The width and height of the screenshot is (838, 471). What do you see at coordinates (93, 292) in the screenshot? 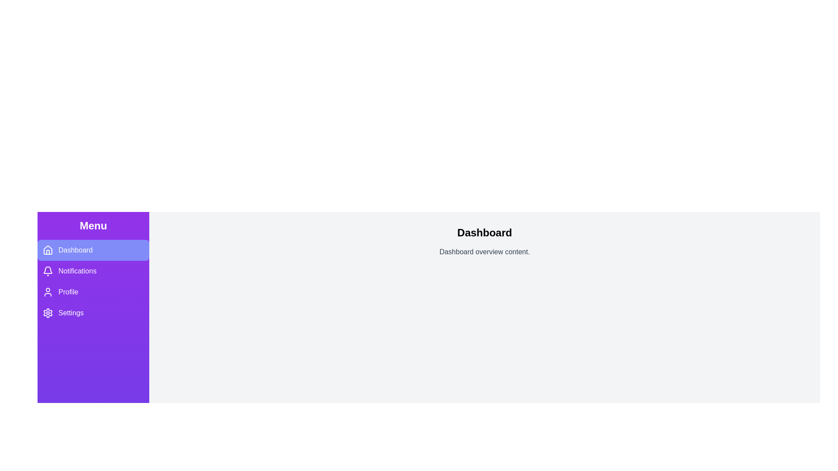
I see `the 'Profile' button, which is the third button in the vertical menu, positioned below 'Notifications' and above 'Settings'` at bounding box center [93, 292].